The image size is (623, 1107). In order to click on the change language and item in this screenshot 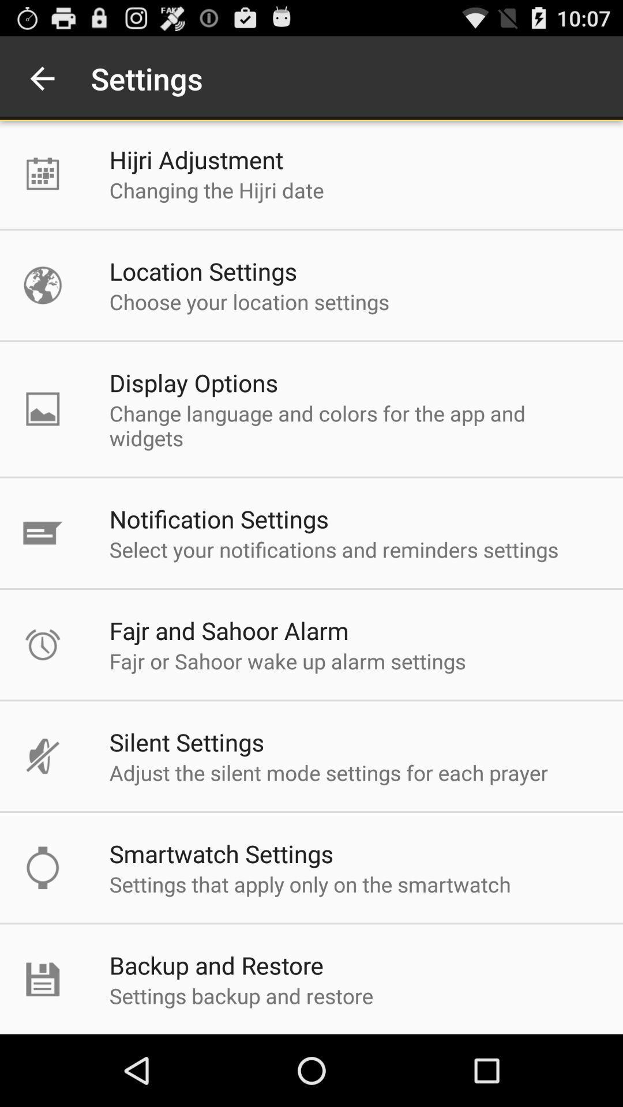, I will do `click(353, 425)`.